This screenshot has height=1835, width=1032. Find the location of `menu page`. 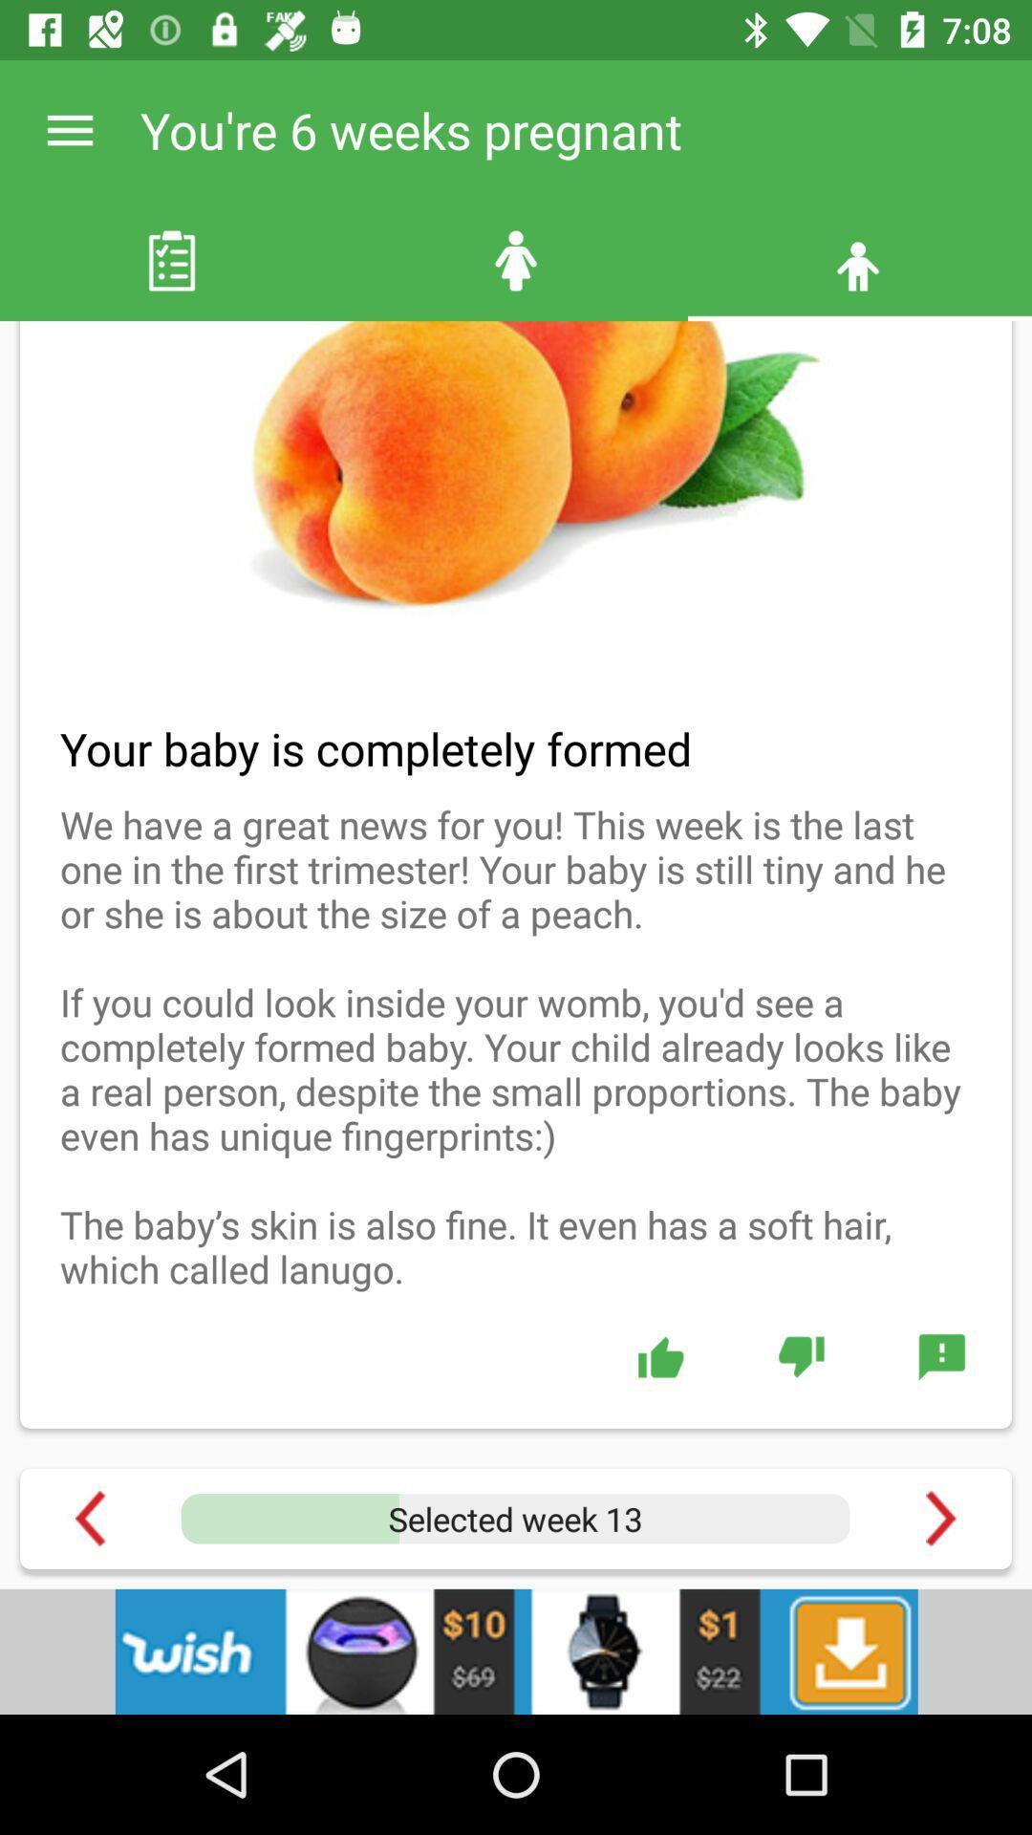

menu page is located at coordinates (940, 1355).